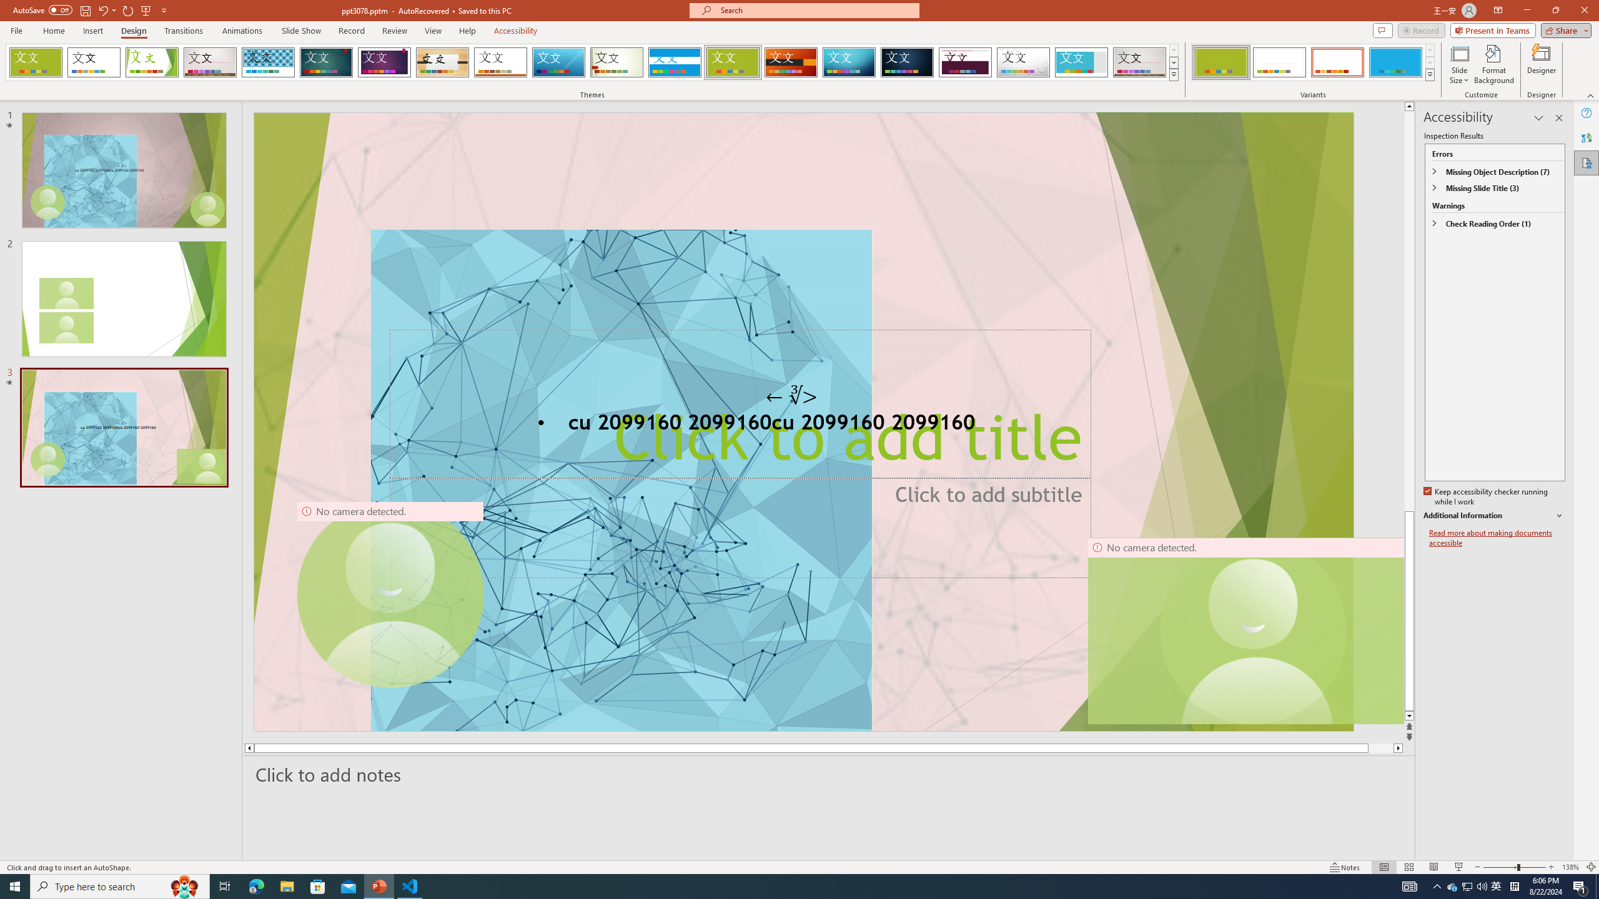 The width and height of the screenshot is (1599, 899). What do you see at coordinates (443, 62) in the screenshot?
I see `'Organic'` at bounding box center [443, 62].